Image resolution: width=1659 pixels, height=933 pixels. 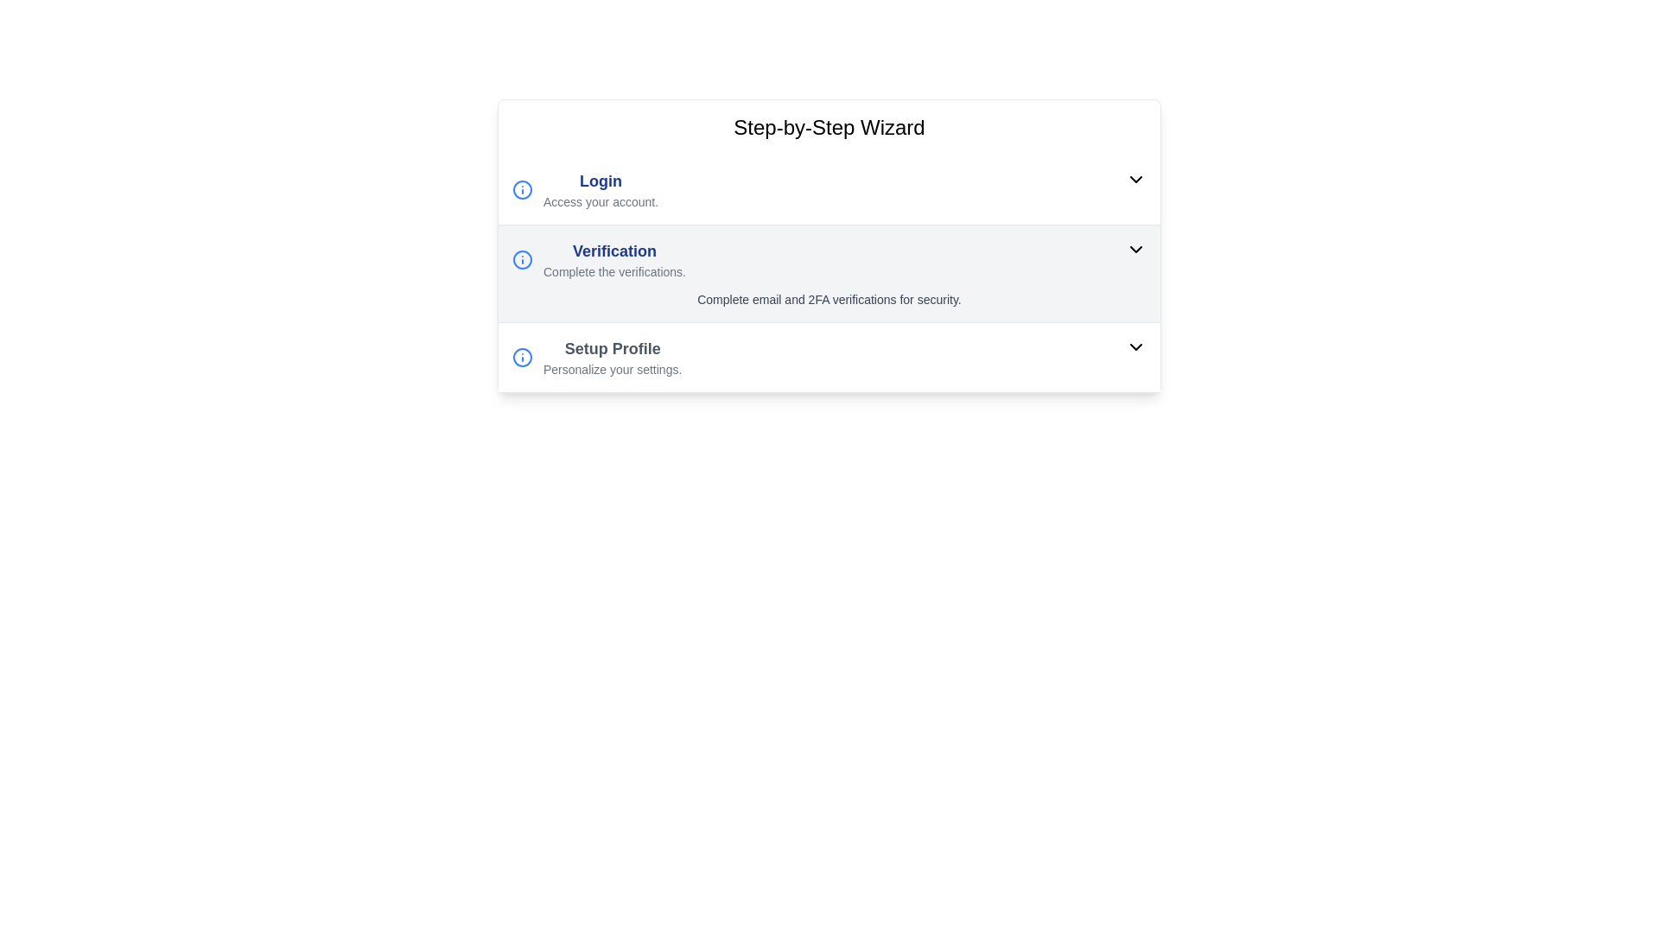 I want to click on the text line that says 'Complete the verifications.' which is positioned below the bold 'Verification' heading in the step-by-step wizard interface, so click(x=614, y=272).